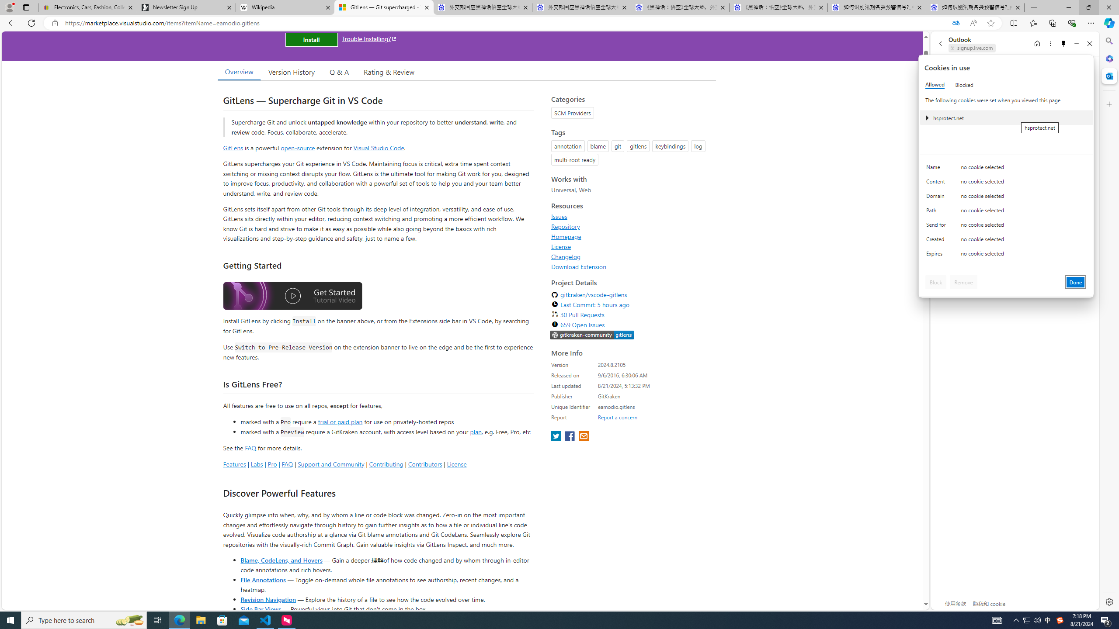 The image size is (1119, 629). Describe the element at coordinates (963, 282) in the screenshot. I see `'Remove'` at that location.